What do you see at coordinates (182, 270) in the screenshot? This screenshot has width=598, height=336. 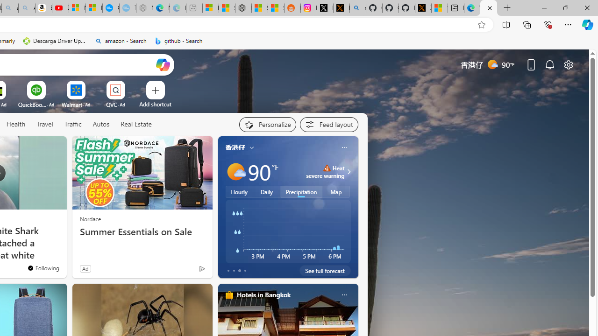 I see `'You'` at bounding box center [182, 270].